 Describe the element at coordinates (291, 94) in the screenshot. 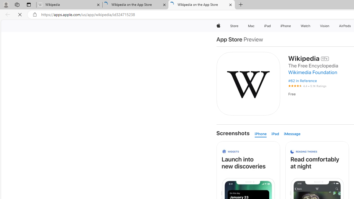

I see `'Free'` at that location.